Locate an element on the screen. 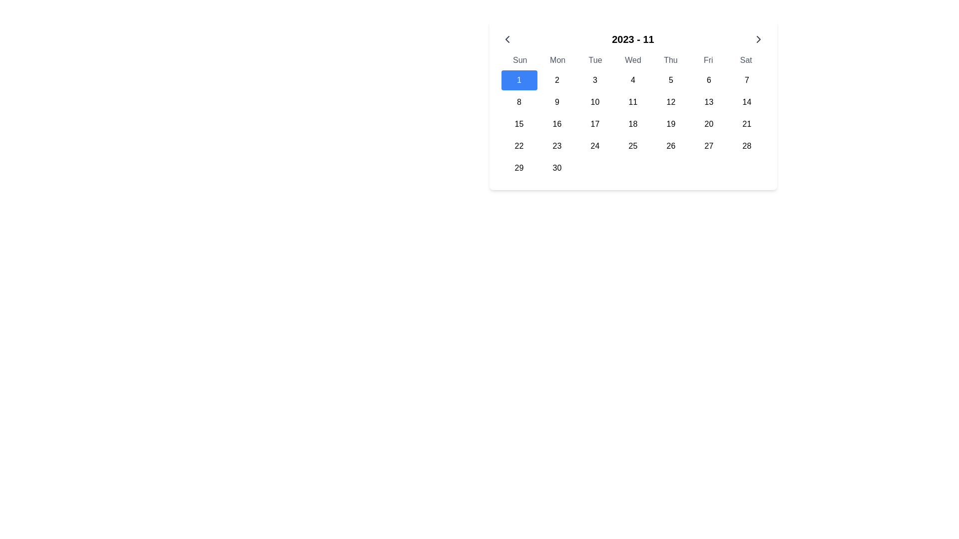 This screenshot has width=959, height=539. the text label displaying 'Sun' styled in light gray, positioned at the far left of the weekday header in the weekly calendar interface is located at coordinates (519, 60).